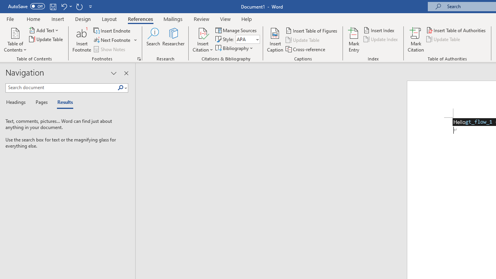  What do you see at coordinates (66, 6) in the screenshot?
I see `'Undo Underline Style'` at bounding box center [66, 6].